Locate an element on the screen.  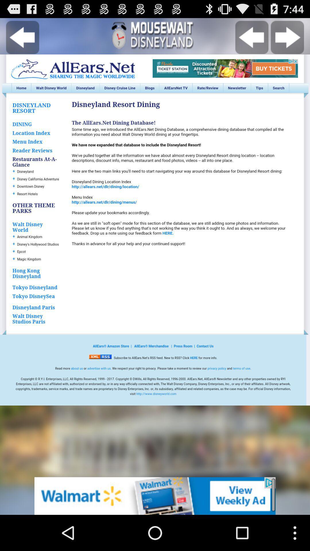
the arrow_backward icon is located at coordinates (22, 40).